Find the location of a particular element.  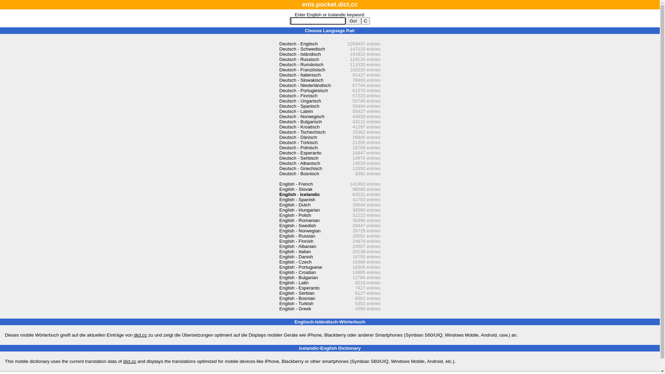

'English - Albanian' is located at coordinates (298, 246).